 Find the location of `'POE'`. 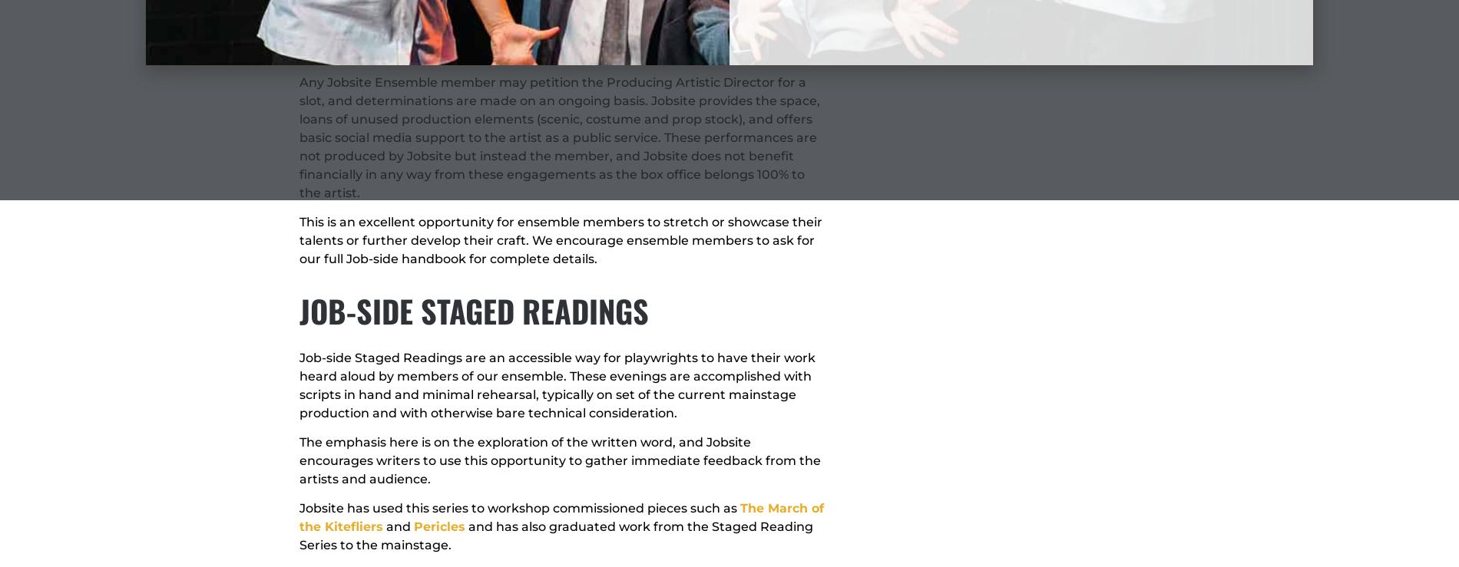

'POE' is located at coordinates (726, 15).